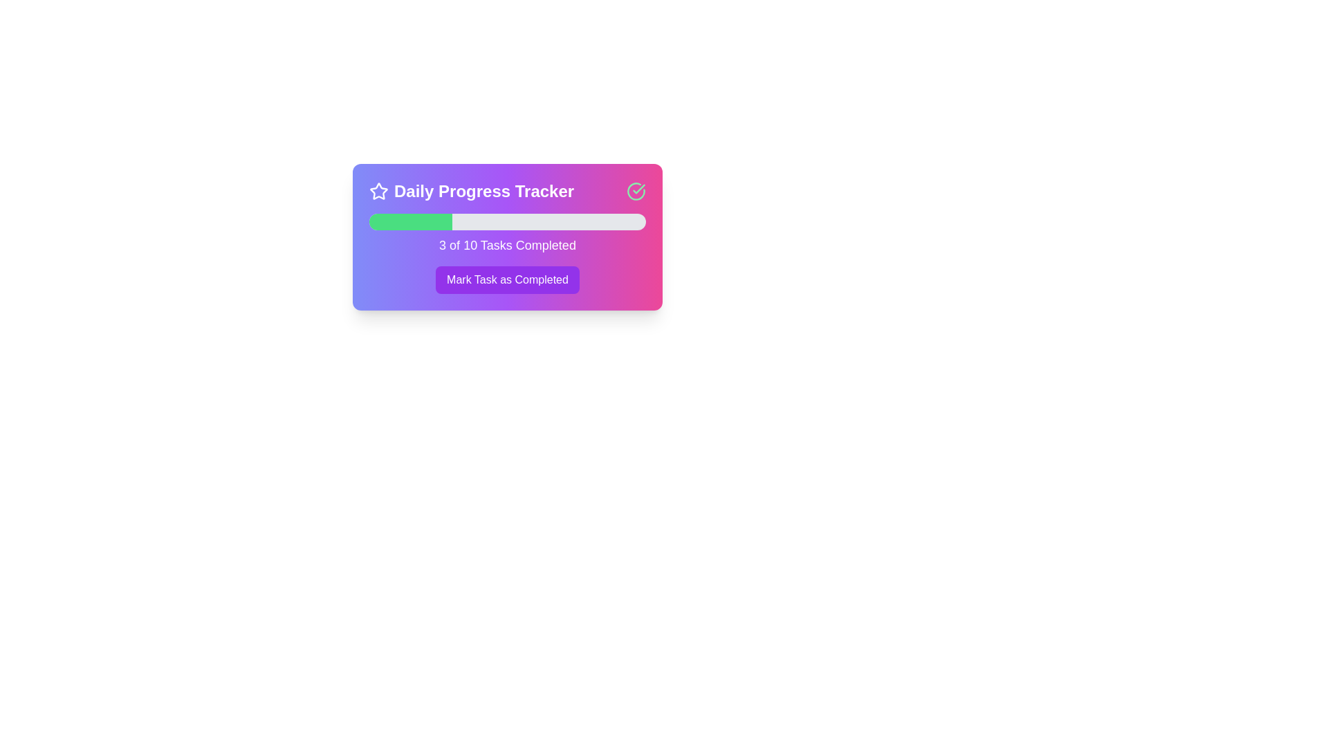 This screenshot has width=1328, height=747. What do you see at coordinates (507, 280) in the screenshot?
I see `the button located at the bottom of the card layout, below the progress bar and the text '3 of 10 Tasks Completed', to mark a task as completed` at bounding box center [507, 280].